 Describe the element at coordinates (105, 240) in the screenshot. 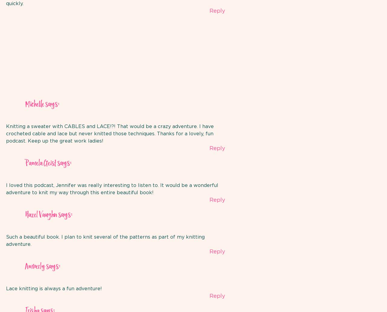

I see `'Such a beautiful book. I plan to knit several of the patterns as part of my knitting adventure.'` at that location.